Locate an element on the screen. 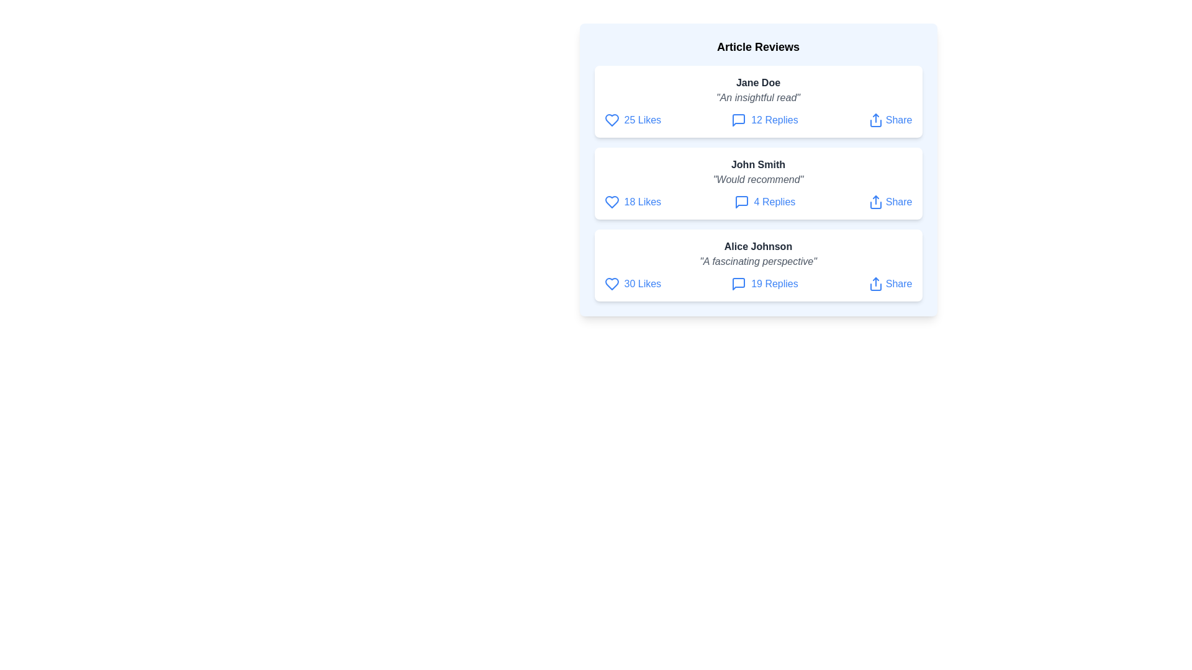 This screenshot has height=670, width=1192. like button for the review authored by John Smith is located at coordinates (612, 202).